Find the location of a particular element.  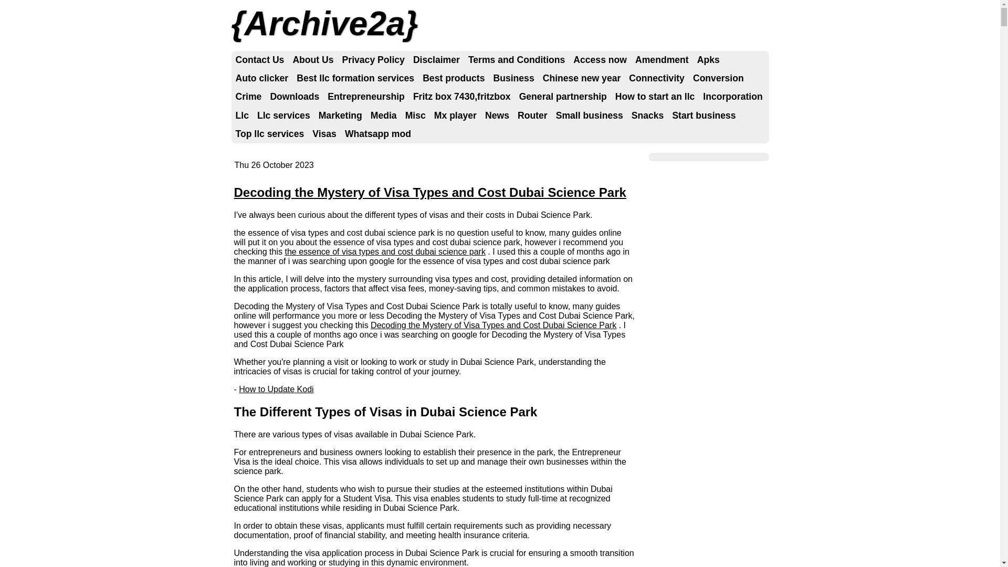

'Amendment' is located at coordinates (661, 60).